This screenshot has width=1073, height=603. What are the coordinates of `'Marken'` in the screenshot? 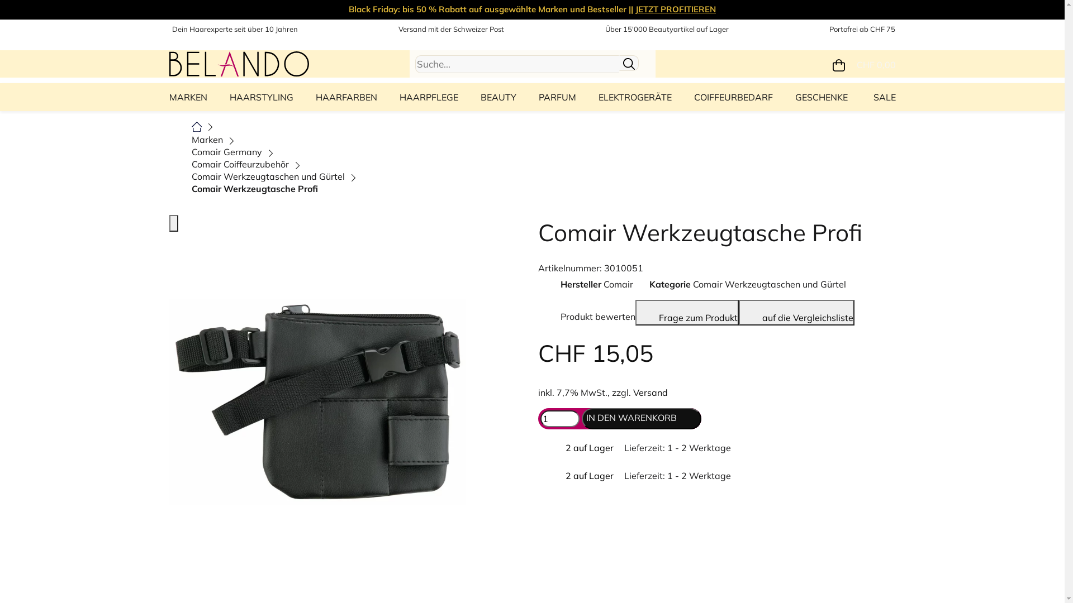 It's located at (206, 139).